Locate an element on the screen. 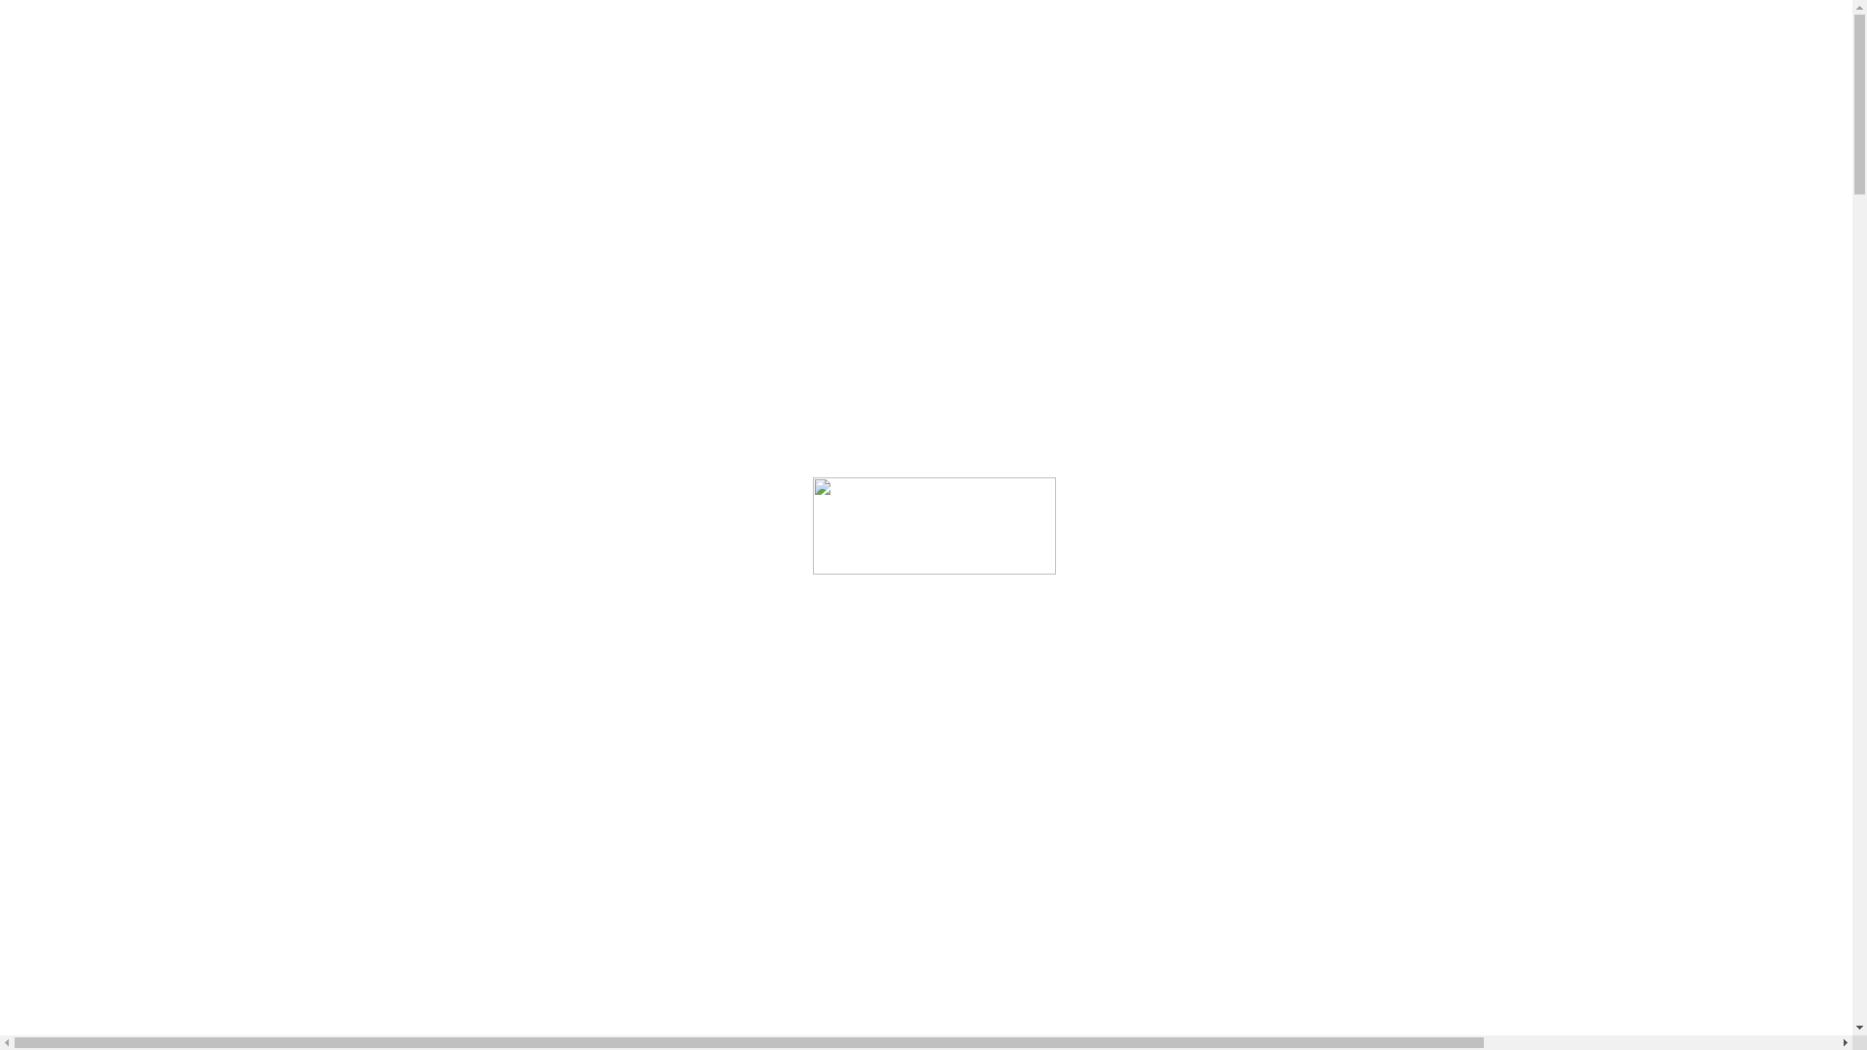 This screenshot has height=1050, width=1867. 'FR' is located at coordinates (65, 249).